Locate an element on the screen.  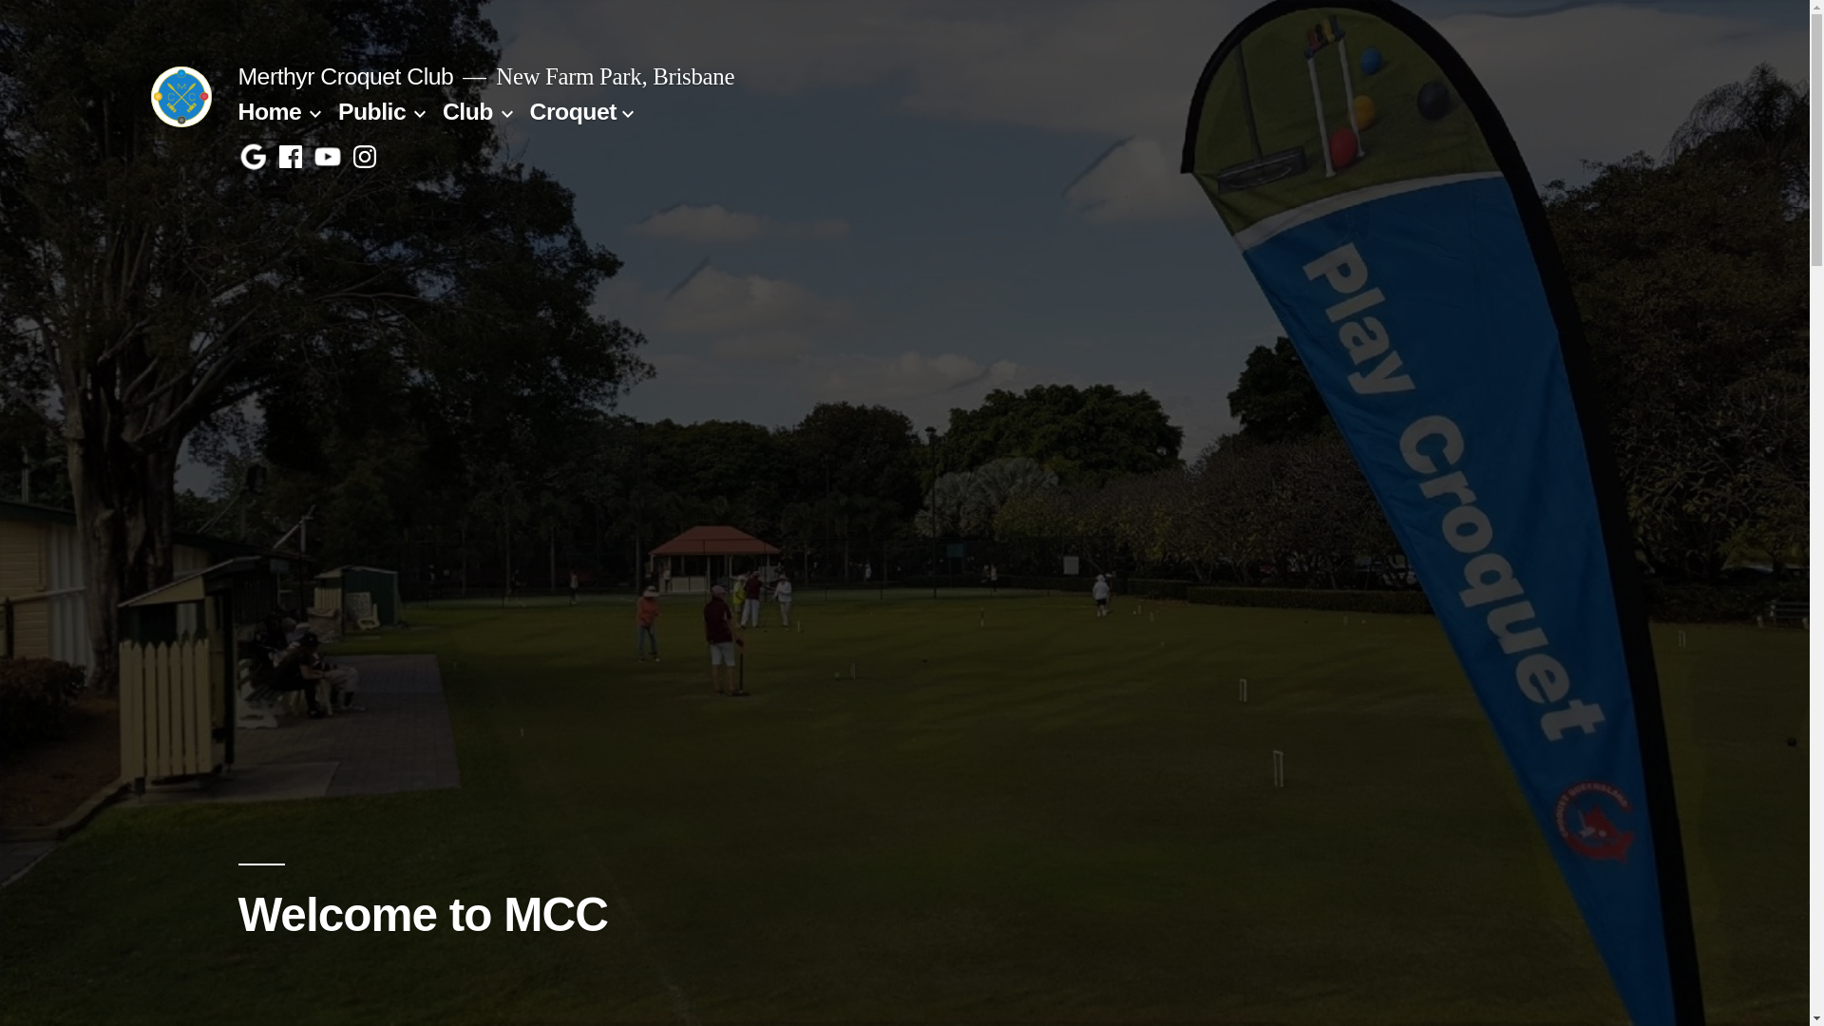
'Facebook' is located at coordinates (290, 156).